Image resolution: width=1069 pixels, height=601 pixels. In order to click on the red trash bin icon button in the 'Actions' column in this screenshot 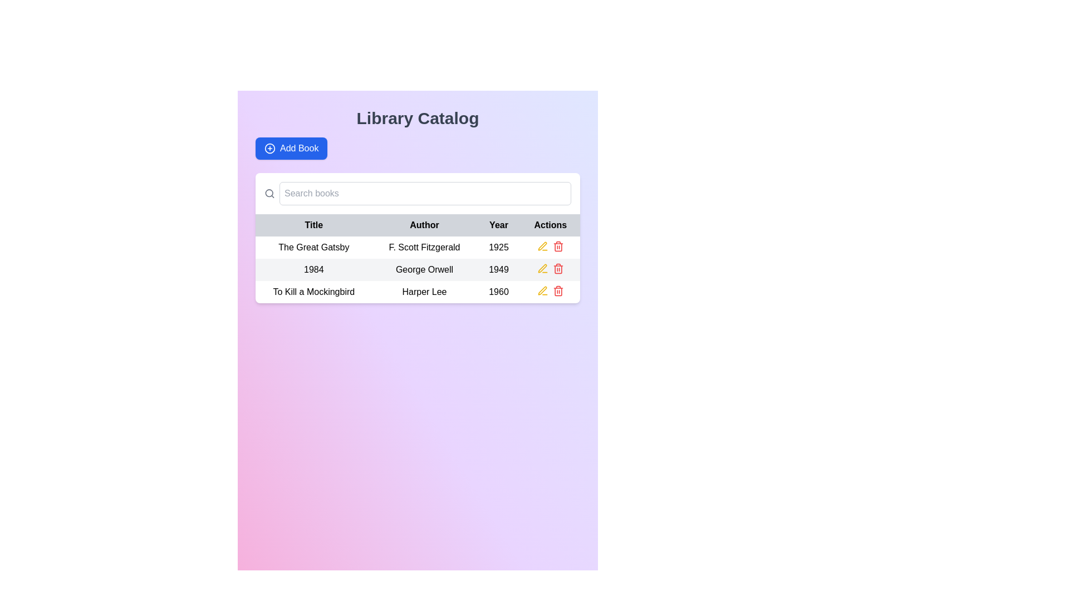, I will do `click(558, 246)`.